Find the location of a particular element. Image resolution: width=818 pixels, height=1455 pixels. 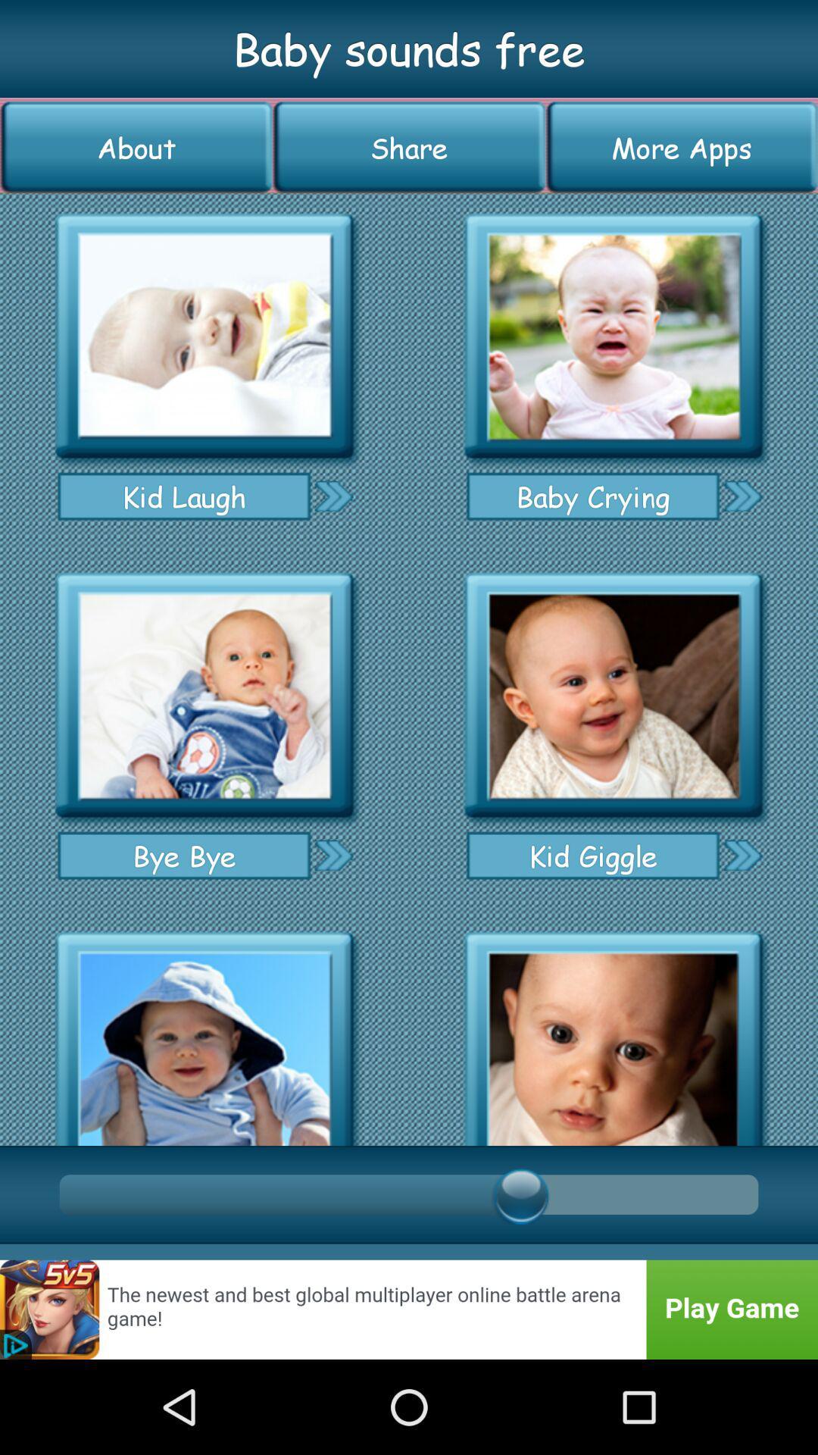

forward is located at coordinates (742, 496).